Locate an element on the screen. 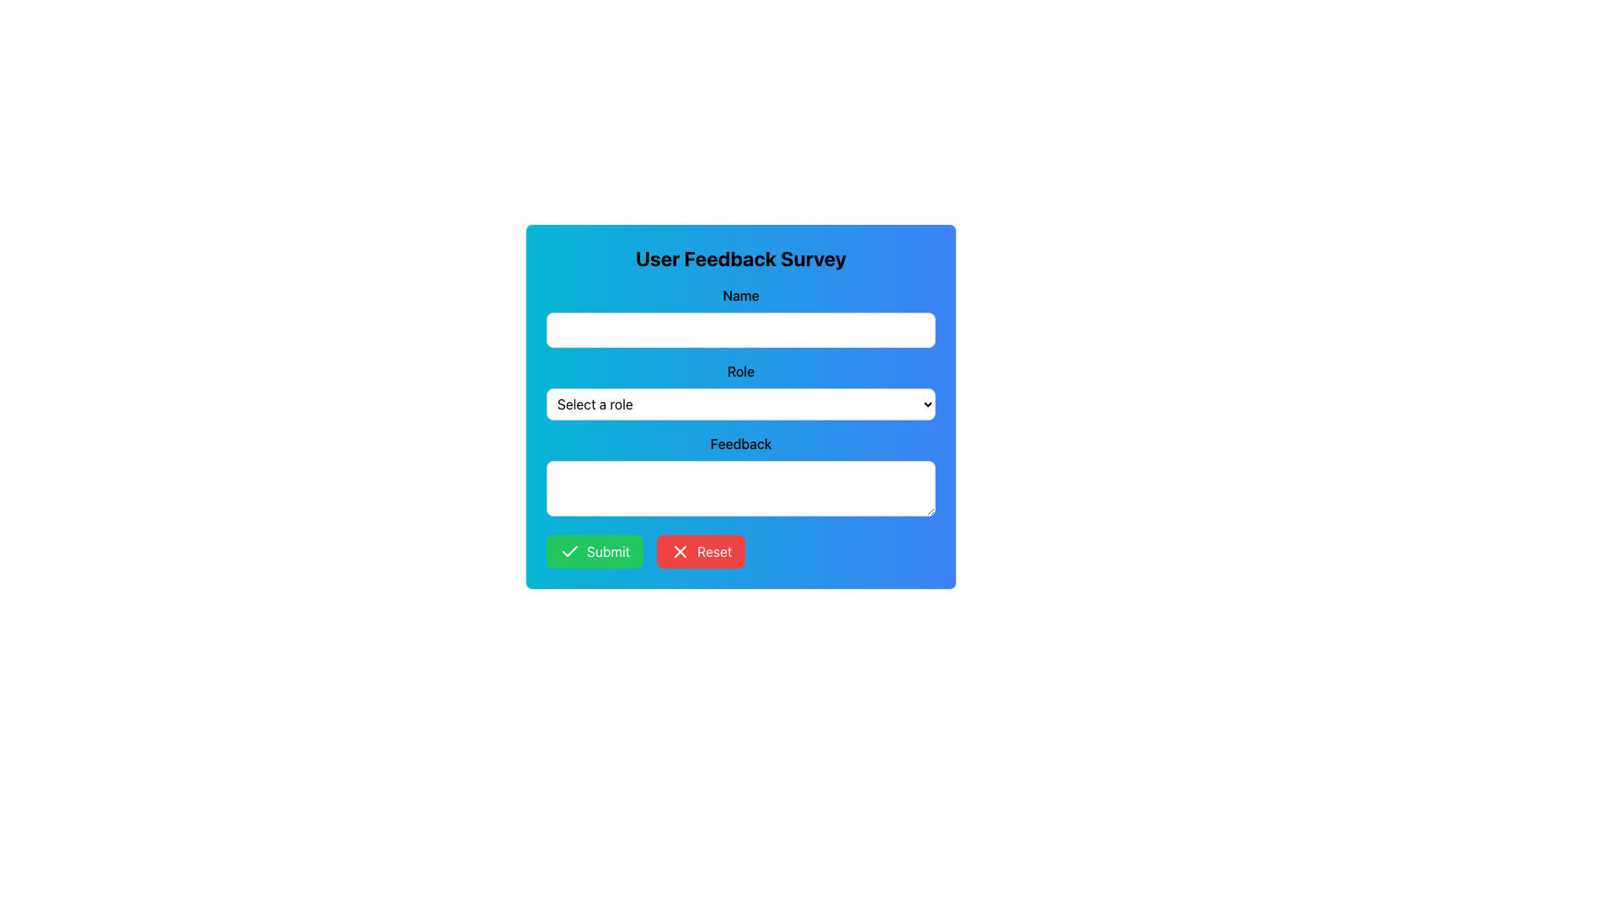 Image resolution: width=1617 pixels, height=910 pixels. the check icon which is part of the 'Submit' button, located at the bottom-left corner of the form, next to the red 'Reset' button is located at coordinates (569, 552).